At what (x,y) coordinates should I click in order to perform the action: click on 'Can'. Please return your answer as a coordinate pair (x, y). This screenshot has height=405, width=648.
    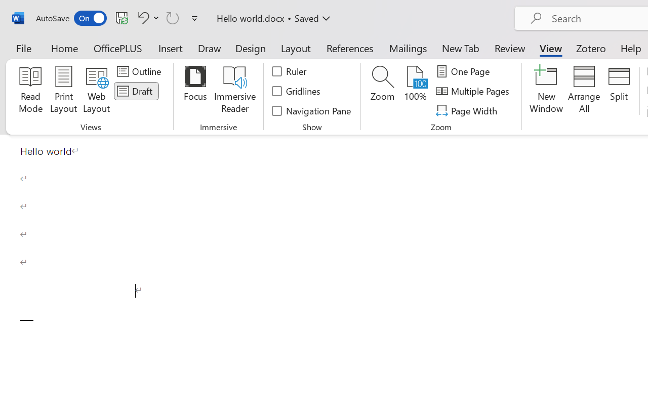
    Looking at the image, I should click on (173, 17).